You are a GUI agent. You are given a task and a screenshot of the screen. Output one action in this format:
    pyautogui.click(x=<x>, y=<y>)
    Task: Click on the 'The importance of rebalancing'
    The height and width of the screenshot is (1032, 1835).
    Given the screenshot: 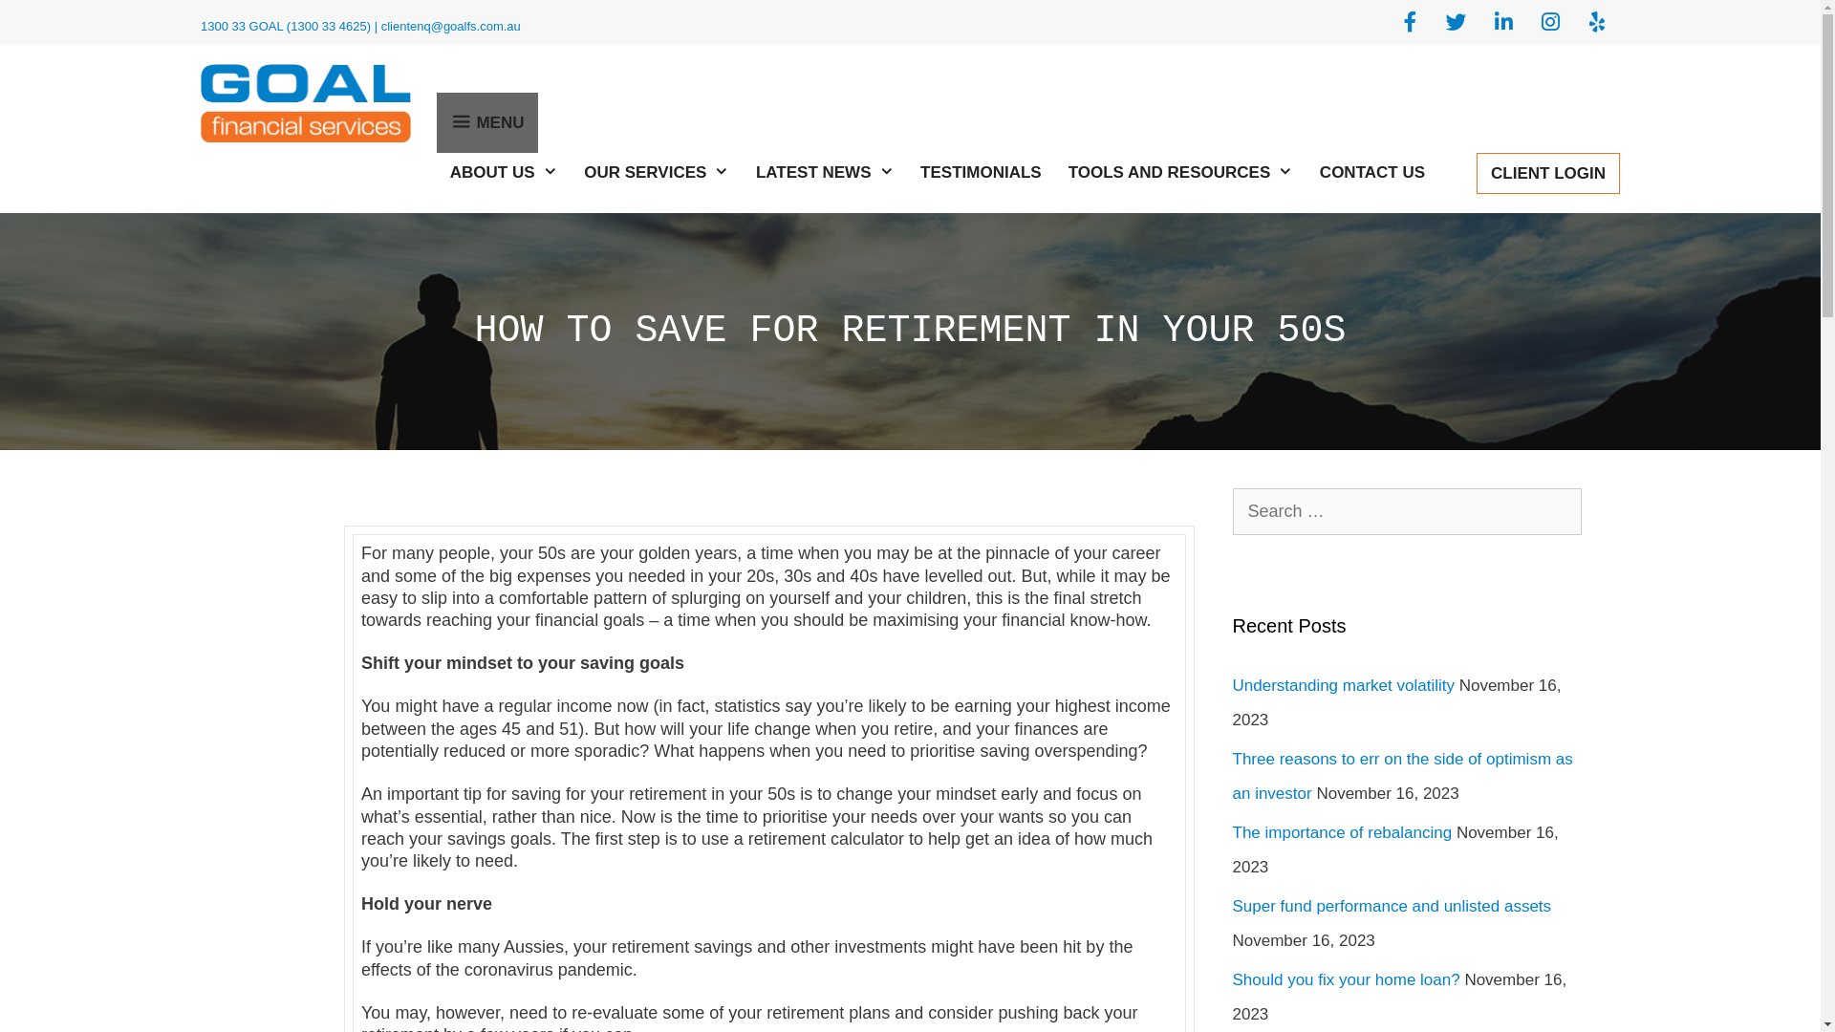 What is the action you would take?
    pyautogui.click(x=1233, y=831)
    